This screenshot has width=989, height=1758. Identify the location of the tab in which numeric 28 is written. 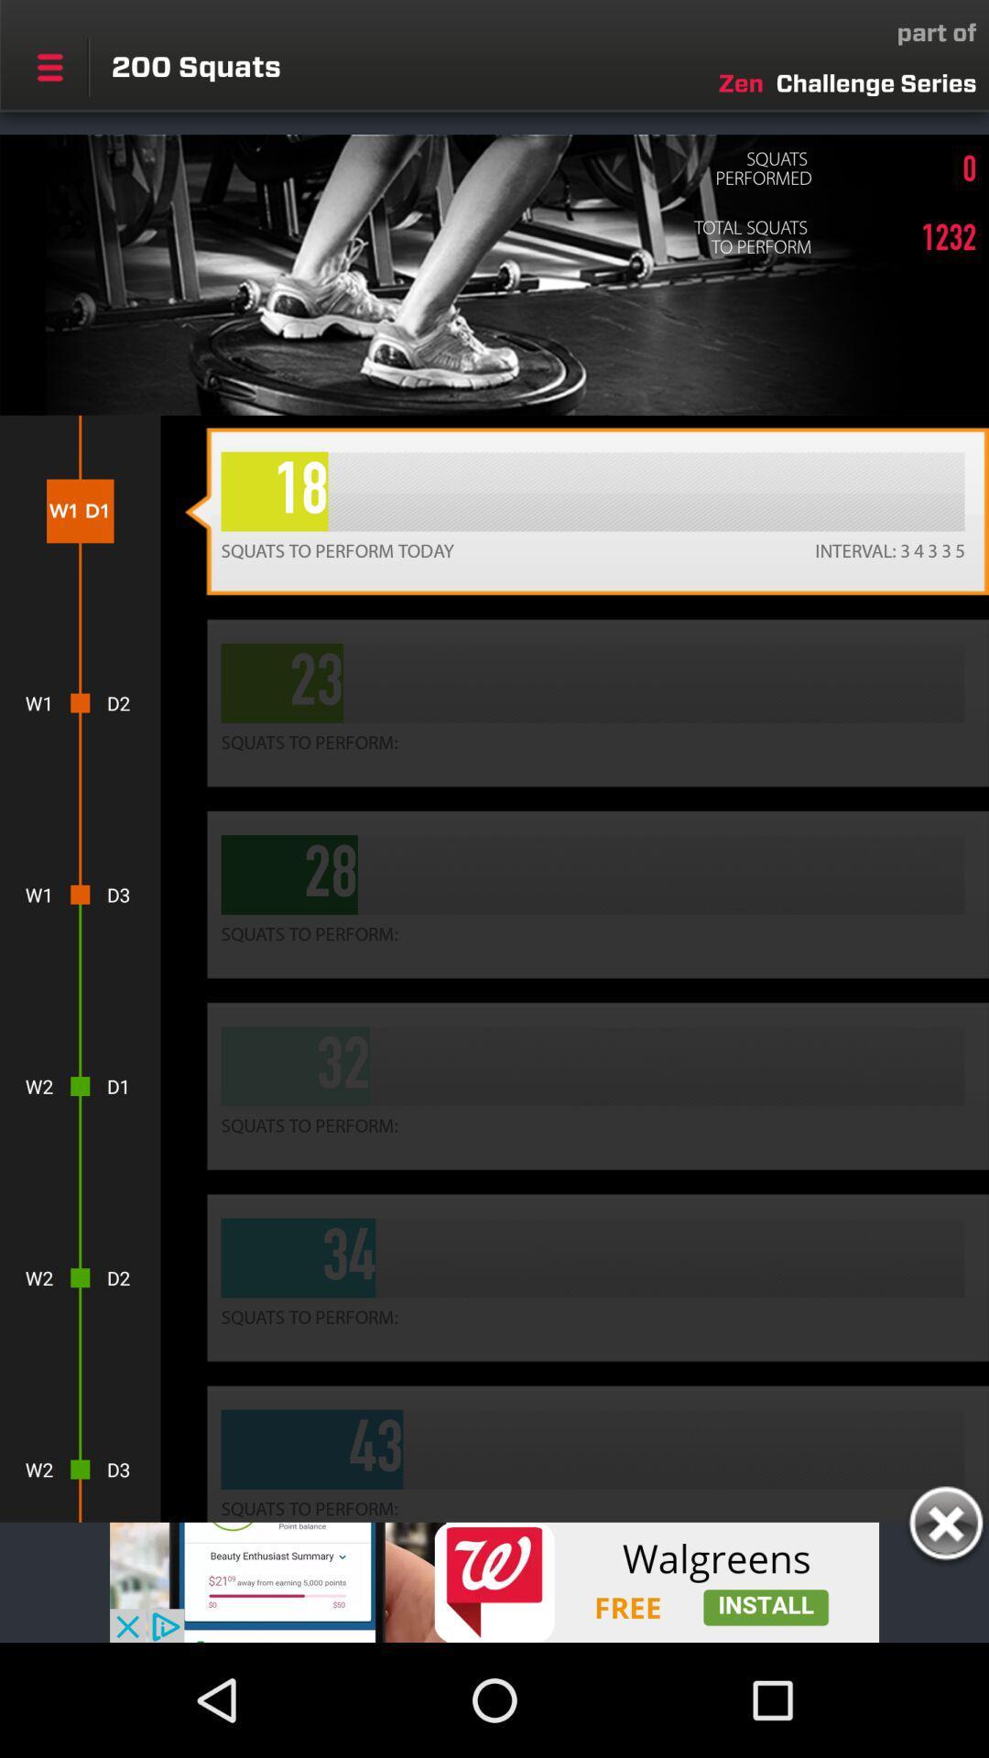
(586, 895).